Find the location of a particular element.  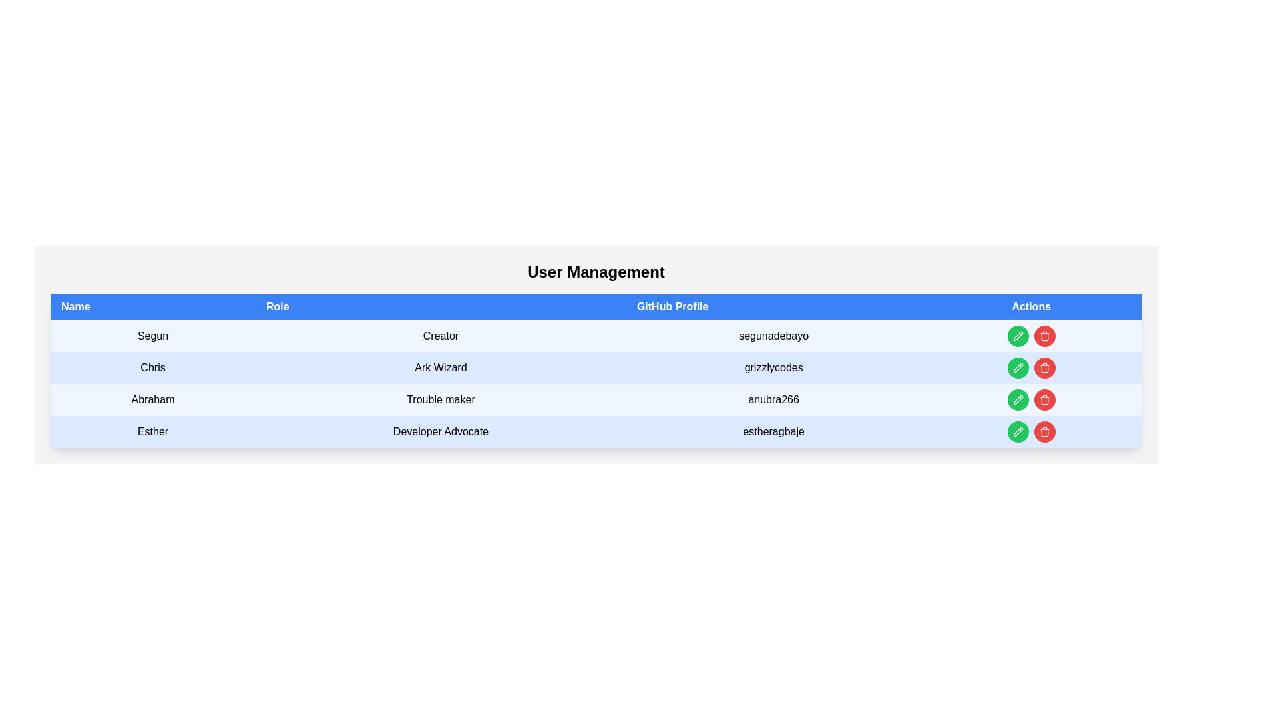

the delete (trash) icon in the 'Actions' column of the 'User Management' table for user 'Esther', which is styled with a bold outline and is adjacent to the green edit icon is located at coordinates (1044, 433).